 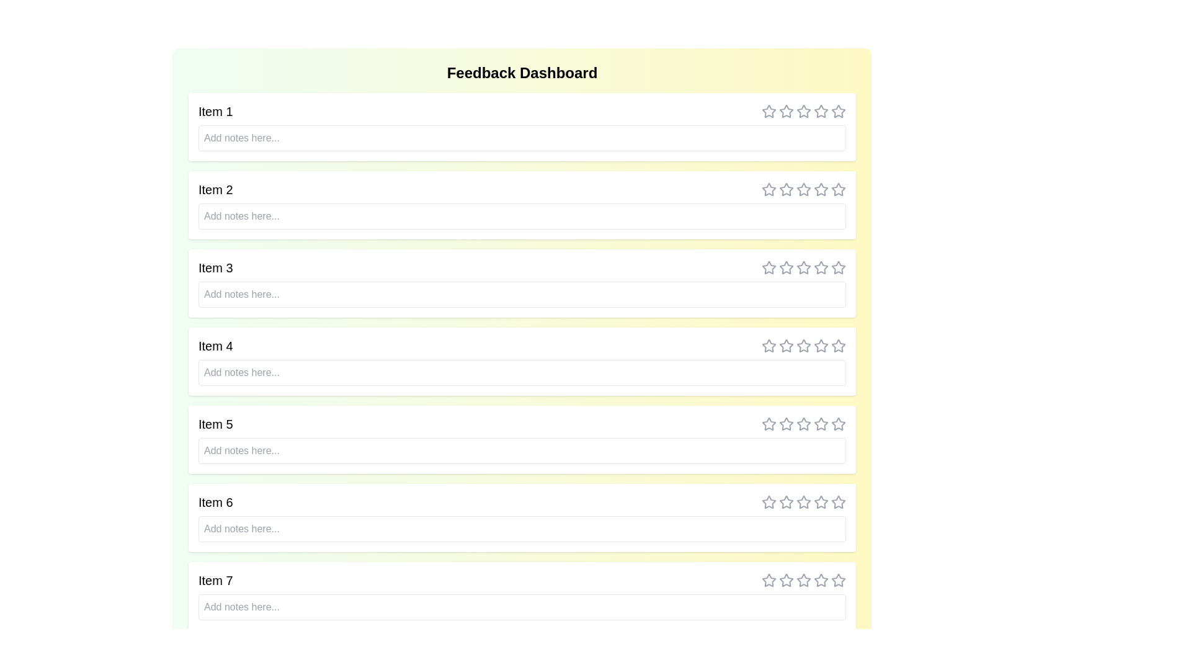 What do you see at coordinates (839, 112) in the screenshot?
I see `the rating for an item to 5 stars` at bounding box center [839, 112].